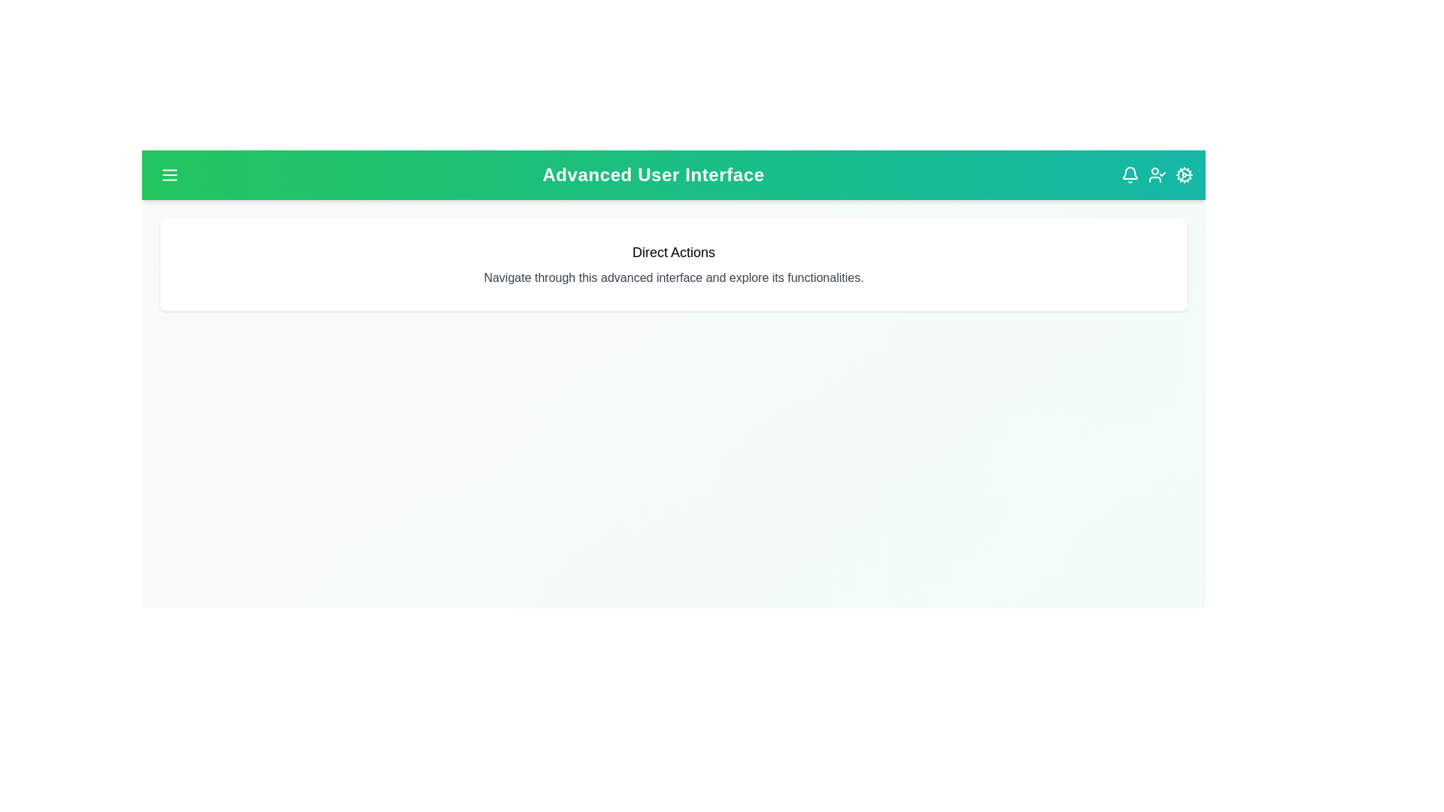  Describe the element at coordinates (1157, 174) in the screenshot. I see `the user profile icon located at the top-right corner of the app bar` at that location.